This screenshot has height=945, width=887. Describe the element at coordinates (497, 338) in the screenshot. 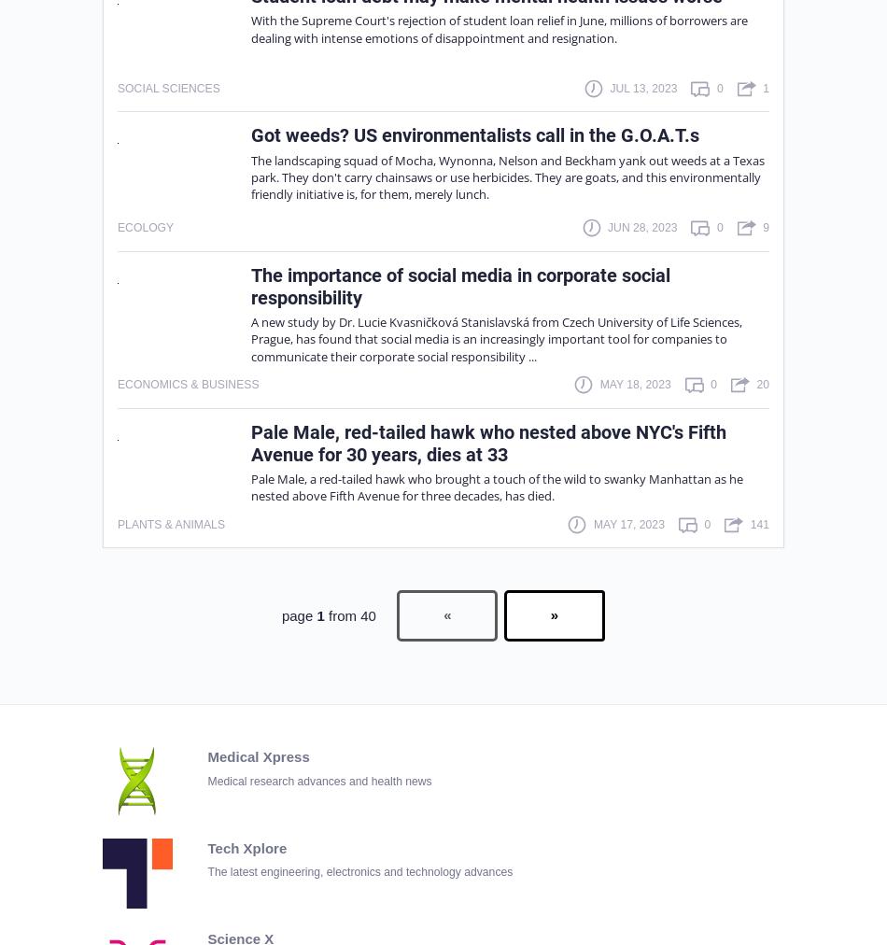

I see `'A new study by Dr. Lucie Kvasničková Stanislavská from Czech University of Life Sciences, Prague, has found that social media is an increasingly important tool for companies to communicate their corporate social responsibility ...'` at that location.